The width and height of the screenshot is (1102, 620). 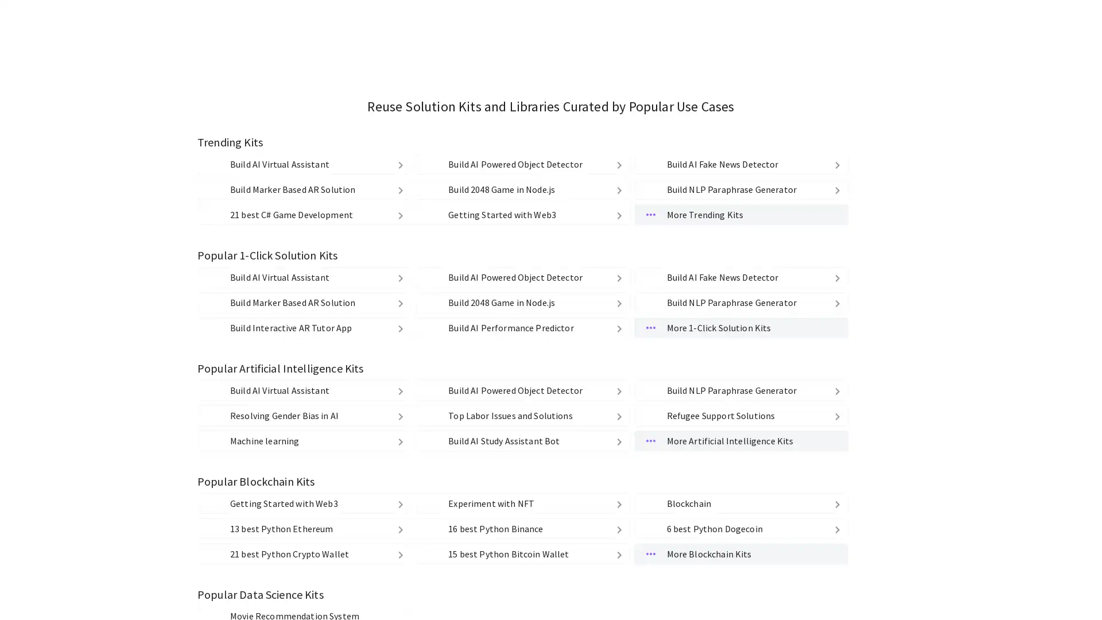 I want to click on delete, so click(x=618, y=591).